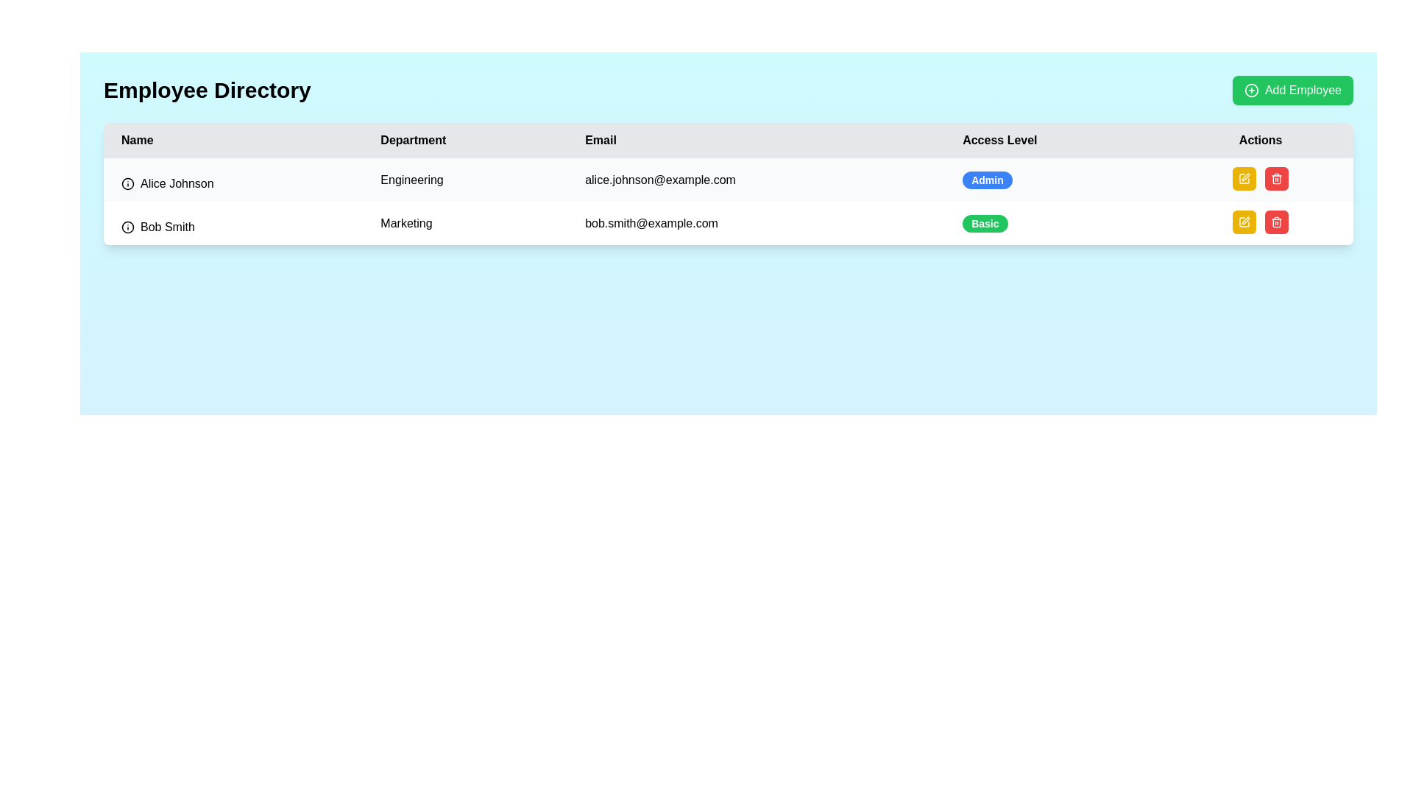 The image size is (1413, 795). Describe the element at coordinates (1250, 91) in the screenshot. I see `the SVG circle outline icon in the top-right corner of the employee directory interface` at that location.